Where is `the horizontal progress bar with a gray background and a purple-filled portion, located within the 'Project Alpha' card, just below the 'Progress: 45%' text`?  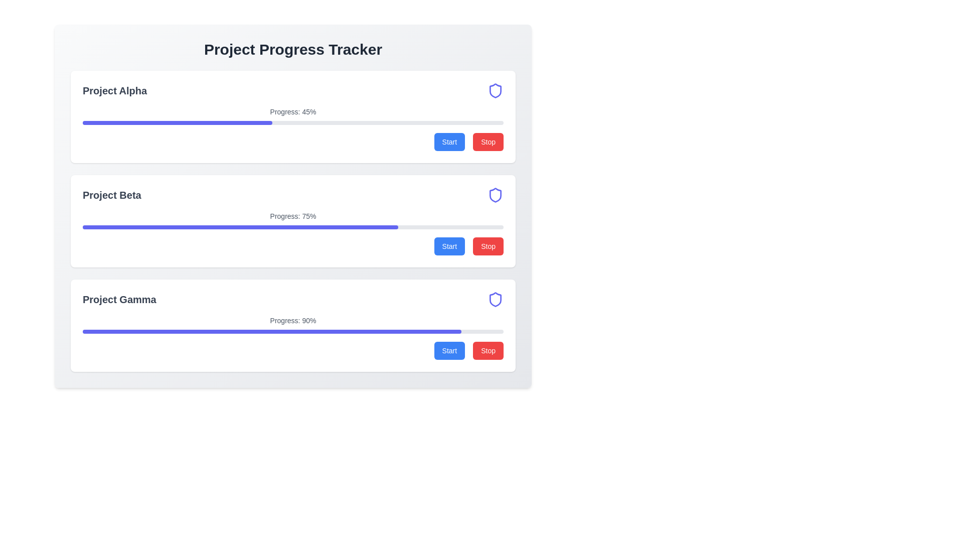
the horizontal progress bar with a gray background and a purple-filled portion, located within the 'Project Alpha' card, just below the 'Progress: 45%' text is located at coordinates (292, 122).